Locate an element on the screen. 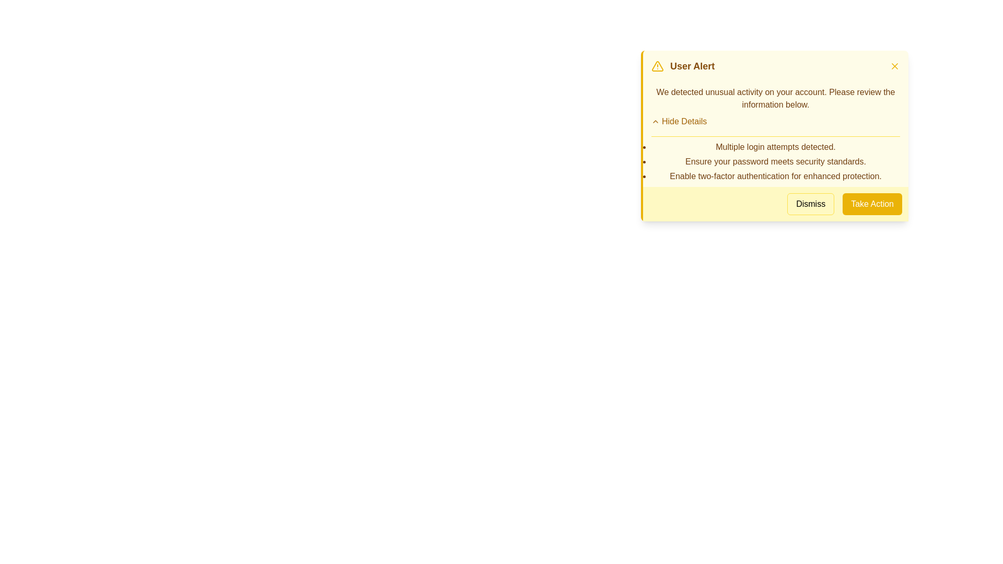  the Chevron Down icon located to the left of the 'Hide Details' text is located at coordinates (655, 121).